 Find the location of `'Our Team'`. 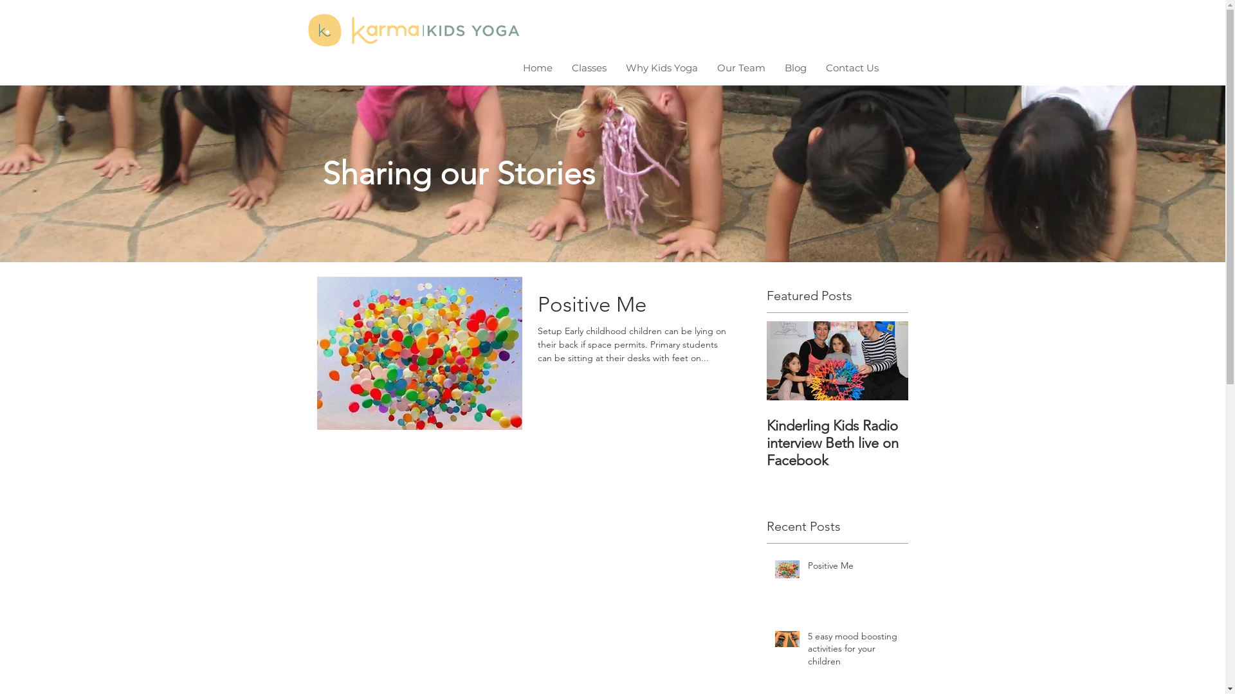

'Our Team' is located at coordinates (741, 67).